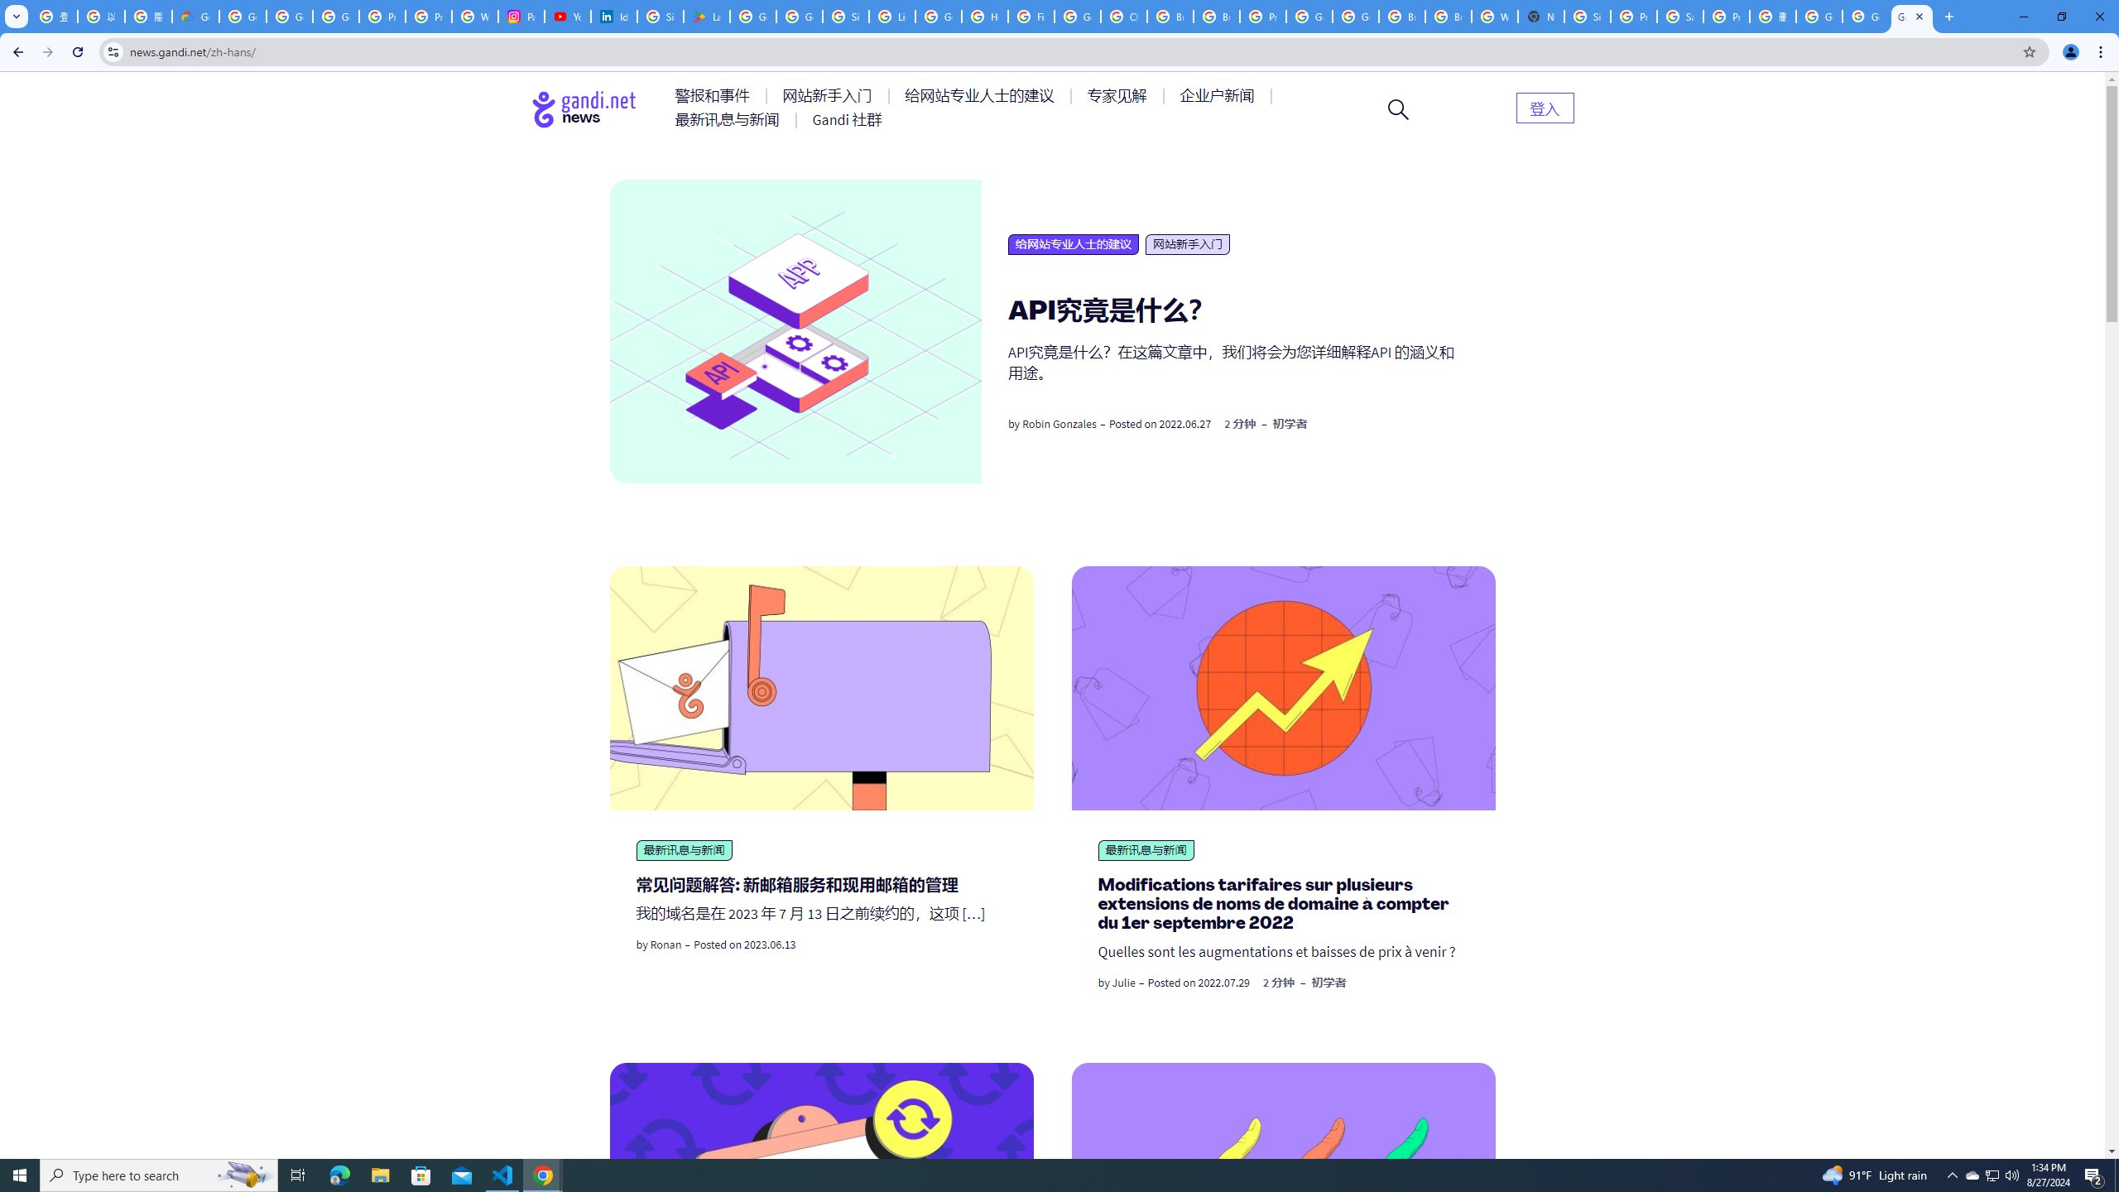 The image size is (2119, 1192). Describe the element at coordinates (382, 16) in the screenshot. I see `'Privacy Help Center - Policies Help'` at that location.